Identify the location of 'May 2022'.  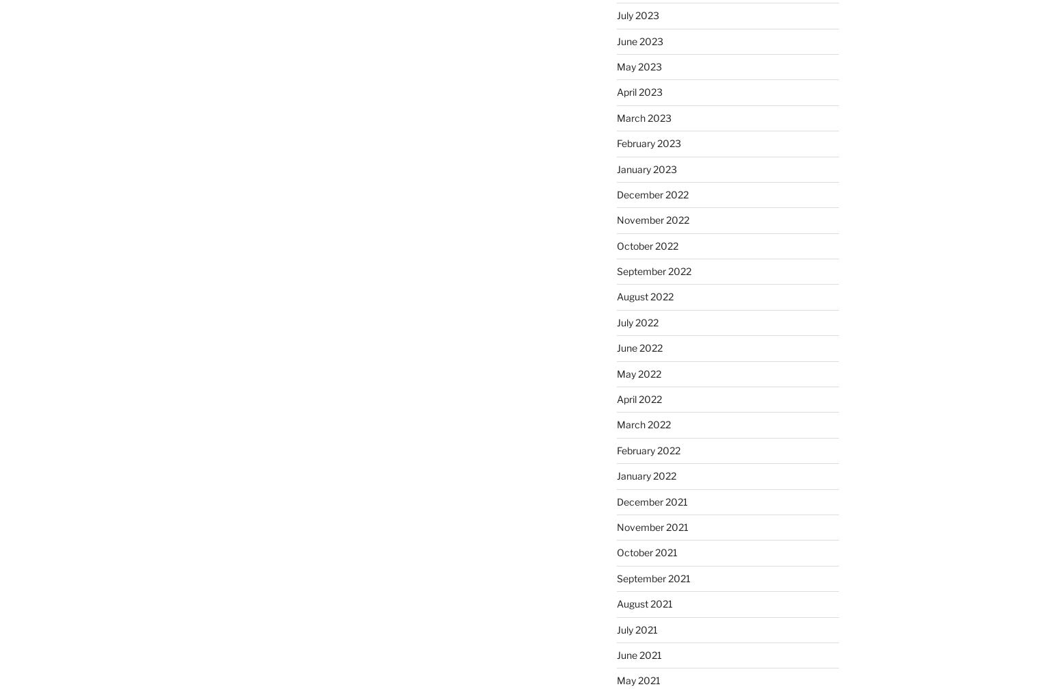
(637, 372).